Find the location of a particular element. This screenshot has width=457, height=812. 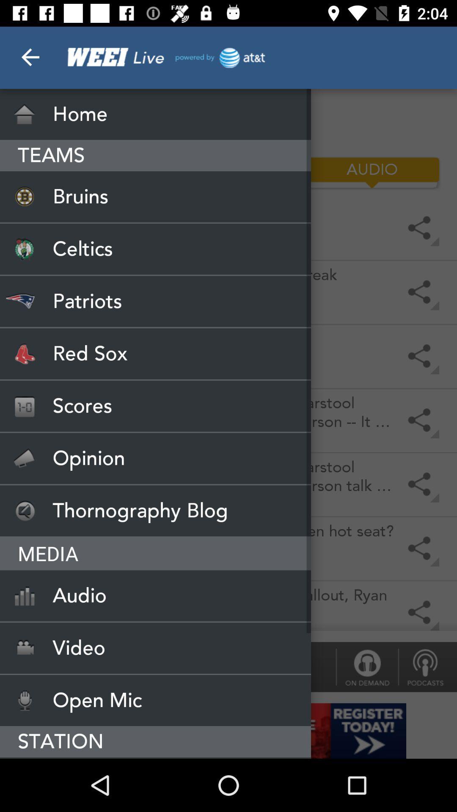

scores item is located at coordinates (155, 406).